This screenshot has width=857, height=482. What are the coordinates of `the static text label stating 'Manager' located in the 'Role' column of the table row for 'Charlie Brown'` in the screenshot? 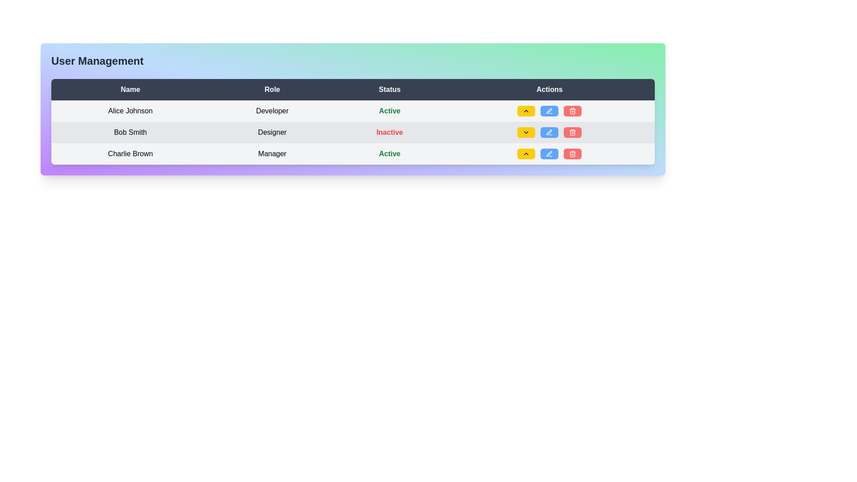 It's located at (272, 153).